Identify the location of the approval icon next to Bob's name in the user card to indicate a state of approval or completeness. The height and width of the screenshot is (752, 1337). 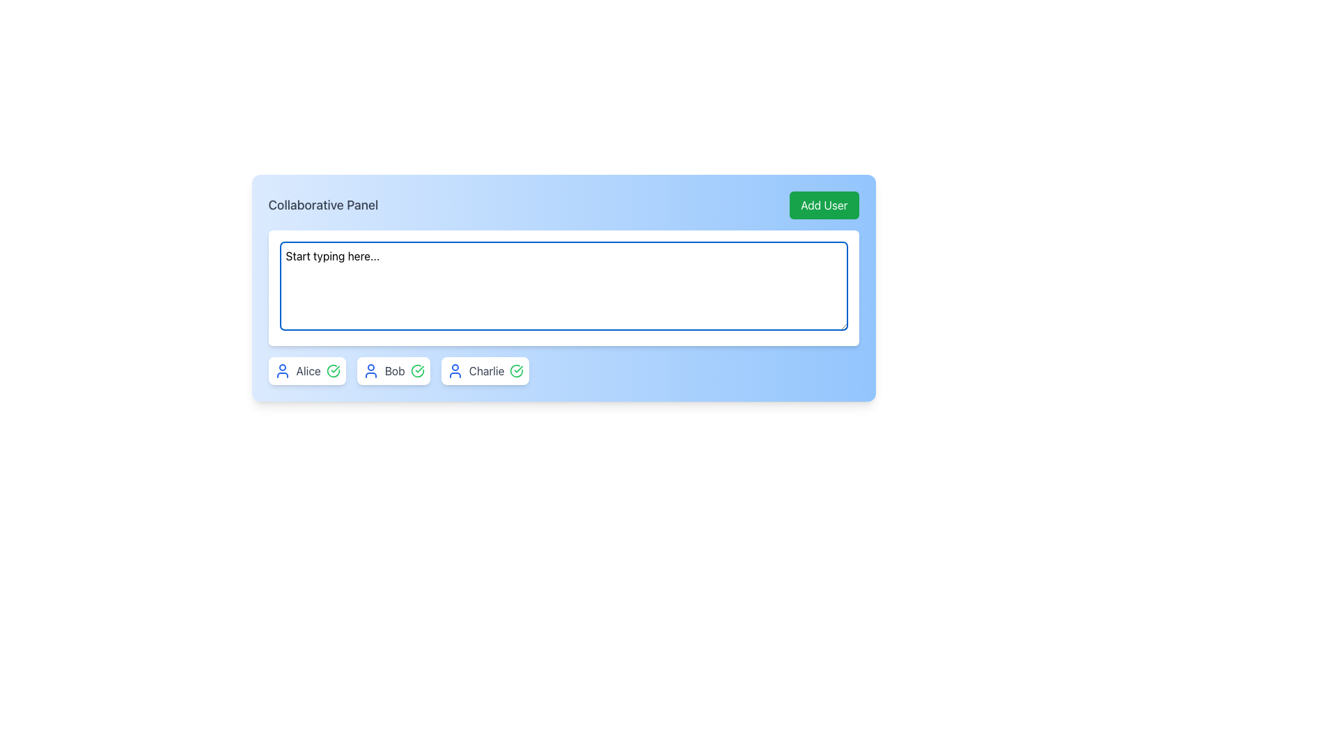
(416, 370).